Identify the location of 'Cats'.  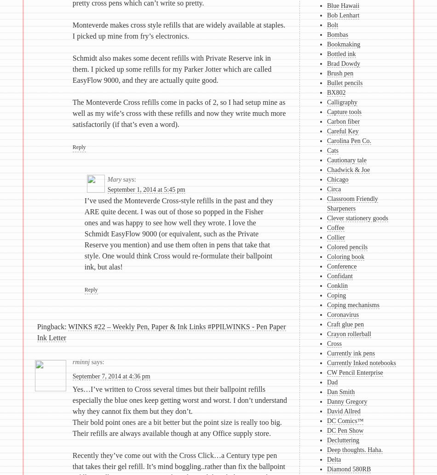
(327, 150).